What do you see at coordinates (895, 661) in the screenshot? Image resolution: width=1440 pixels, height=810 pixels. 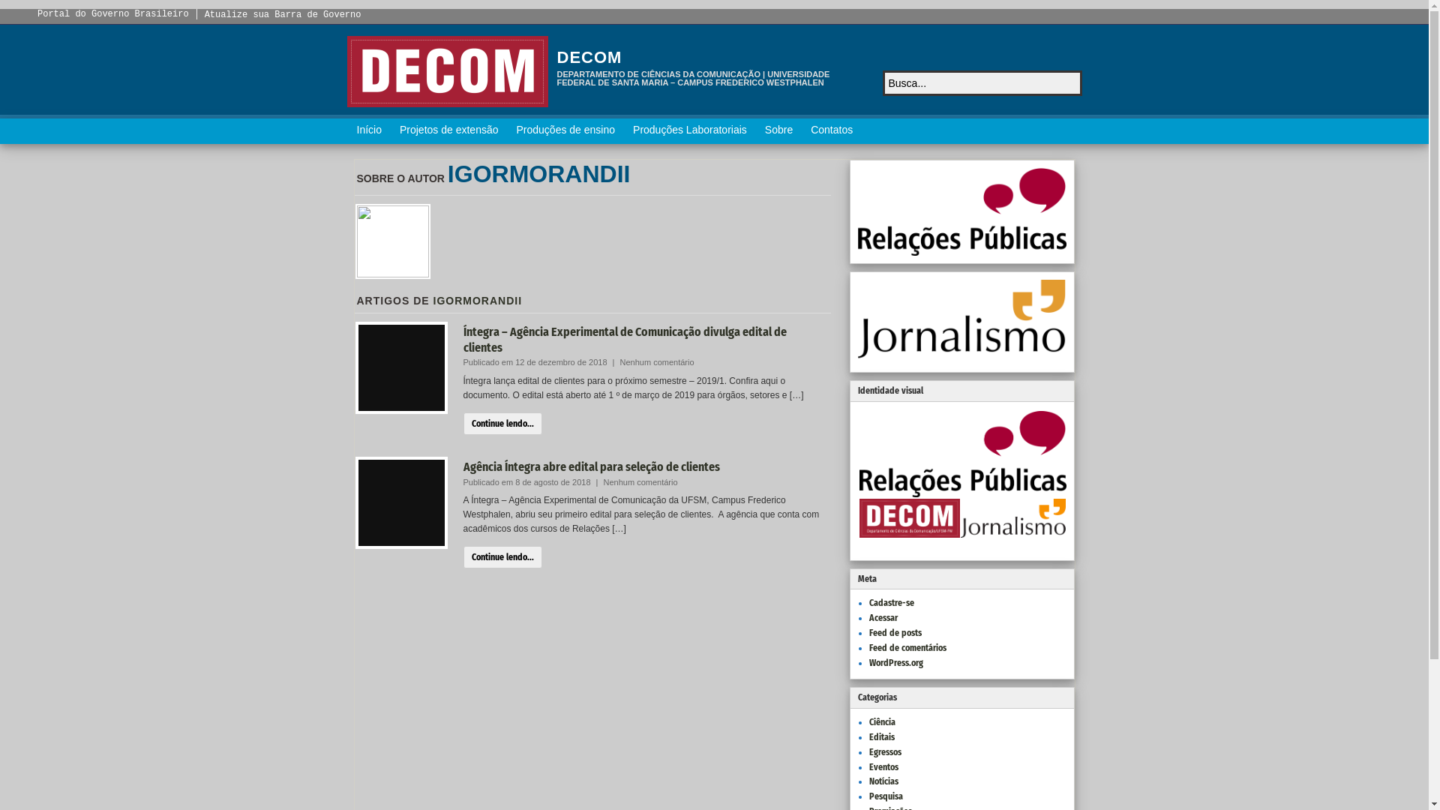 I see `'WordPress.org'` at bounding box center [895, 661].